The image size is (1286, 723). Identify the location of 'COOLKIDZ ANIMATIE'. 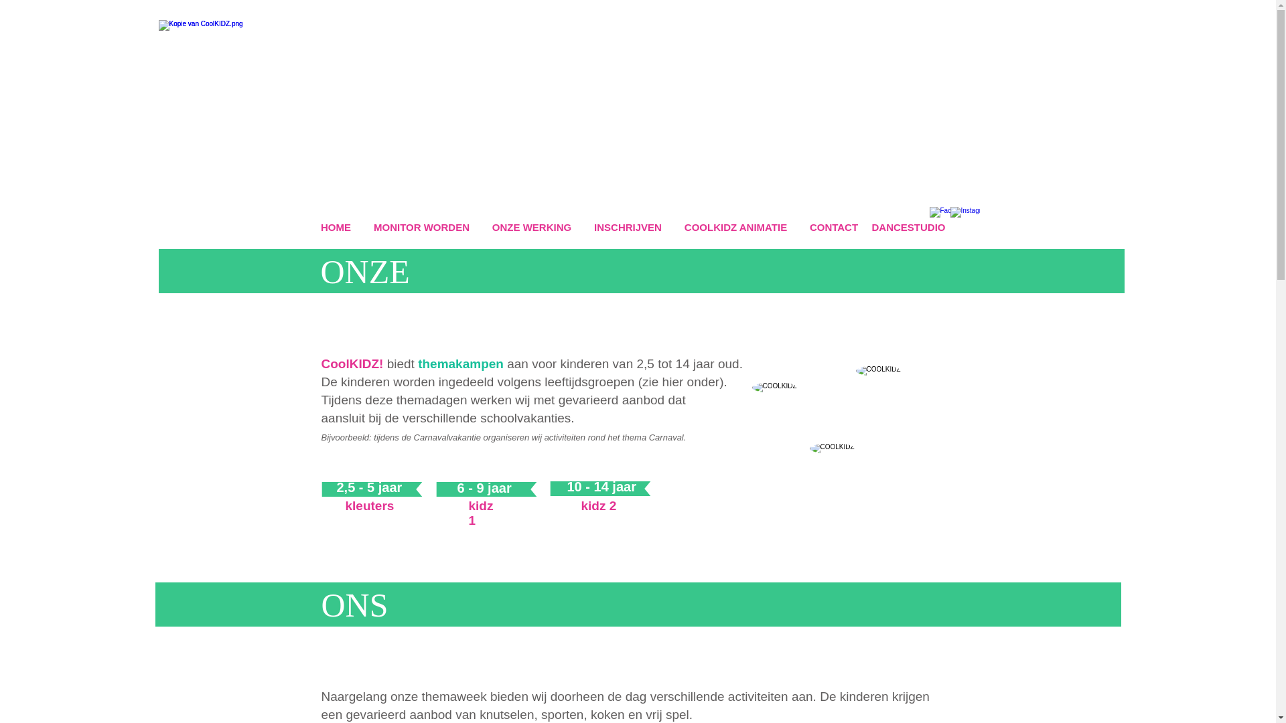
(735, 226).